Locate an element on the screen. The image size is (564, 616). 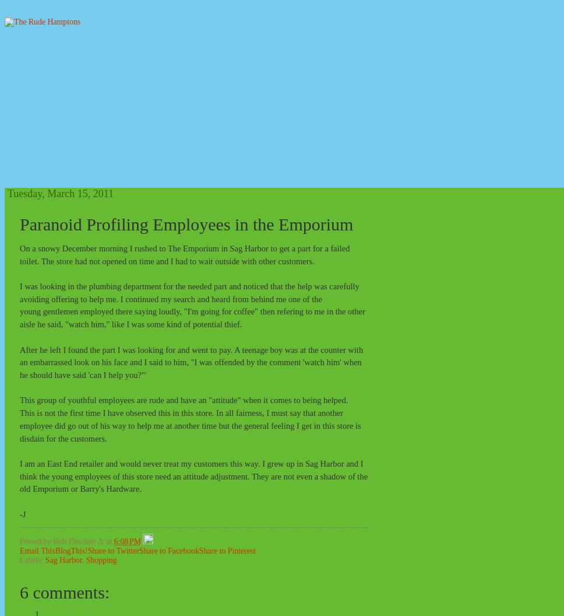
'Share to Twitter' is located at coordinates (113, 550).